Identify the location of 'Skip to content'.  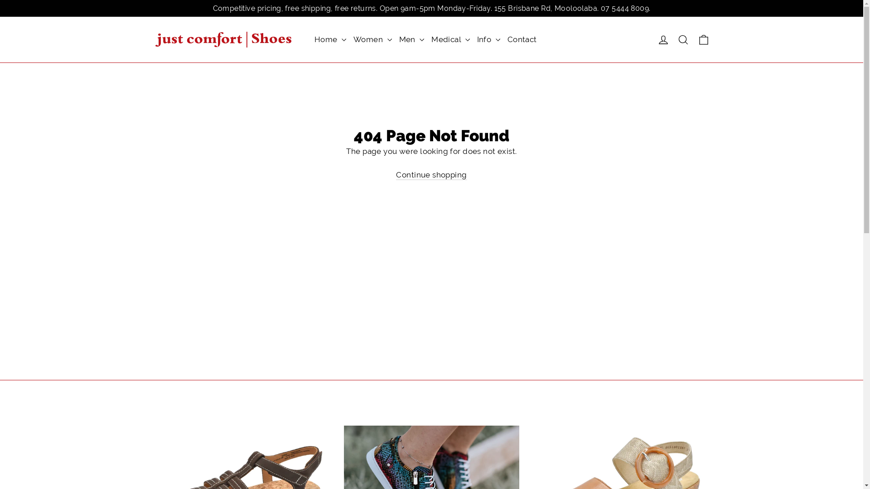
(0, 0).